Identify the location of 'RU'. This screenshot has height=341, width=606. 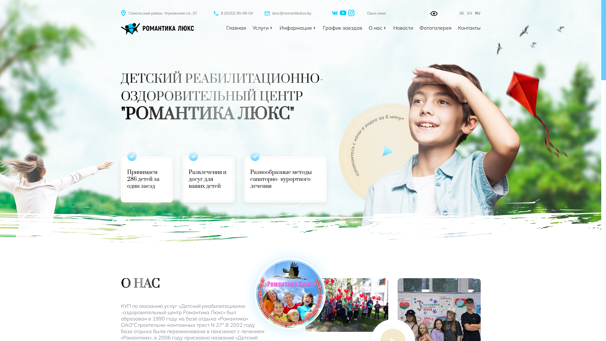
(478, 13).